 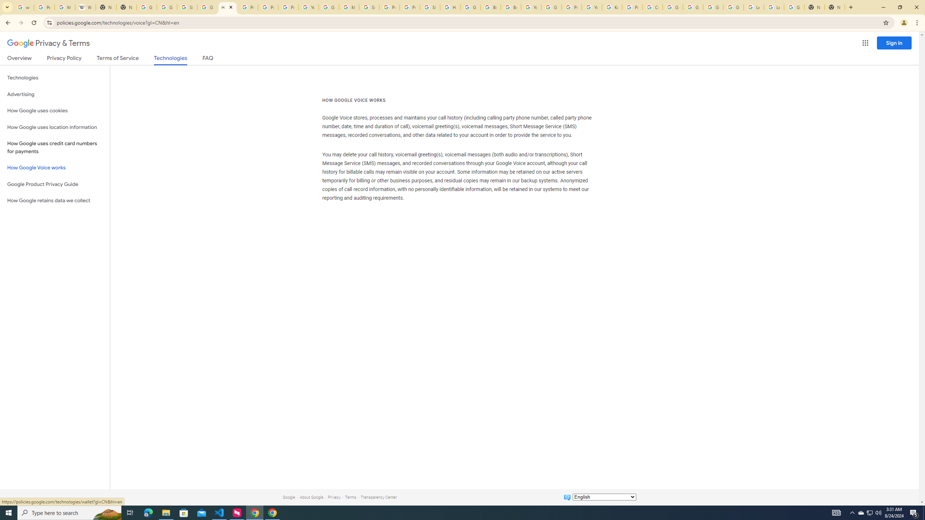 I want to click on 'New Tab', so click(x=835, y=7).